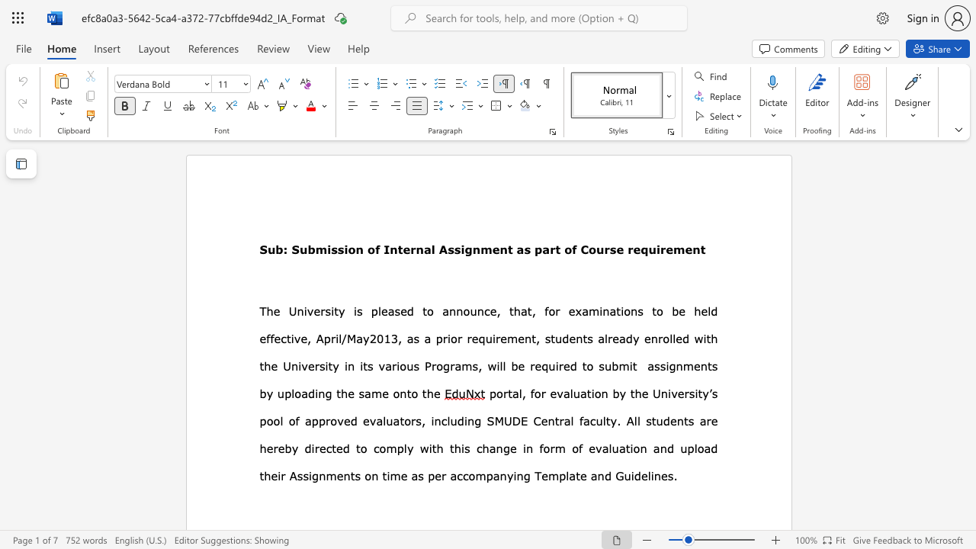 This screenshot has height=549, width=976. What do you see at coordinates (466, 421) in the screenshot?
I see `the subset text "ng SMUDE Central faculty. All students are hereby directe" within the text "for evaluation by the University’s pool of approved evaluators, including SMUDE Central faculty. All students are hereby directed to"` at bounding box center [466, 421].